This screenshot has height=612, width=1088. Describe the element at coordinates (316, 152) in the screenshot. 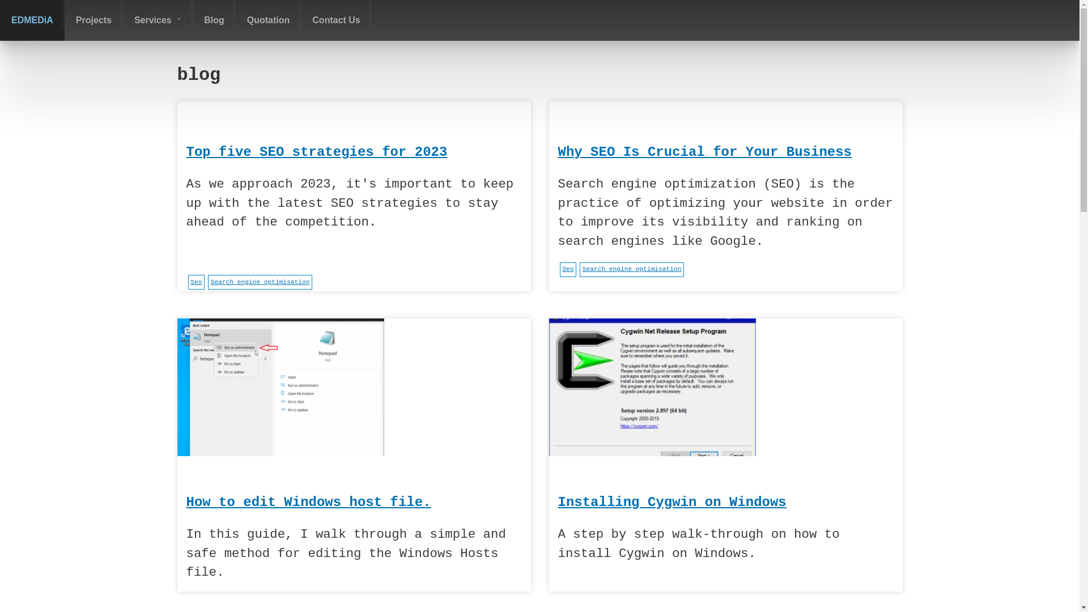

I see `'Top five SEO strategies for 2023'` at that location.